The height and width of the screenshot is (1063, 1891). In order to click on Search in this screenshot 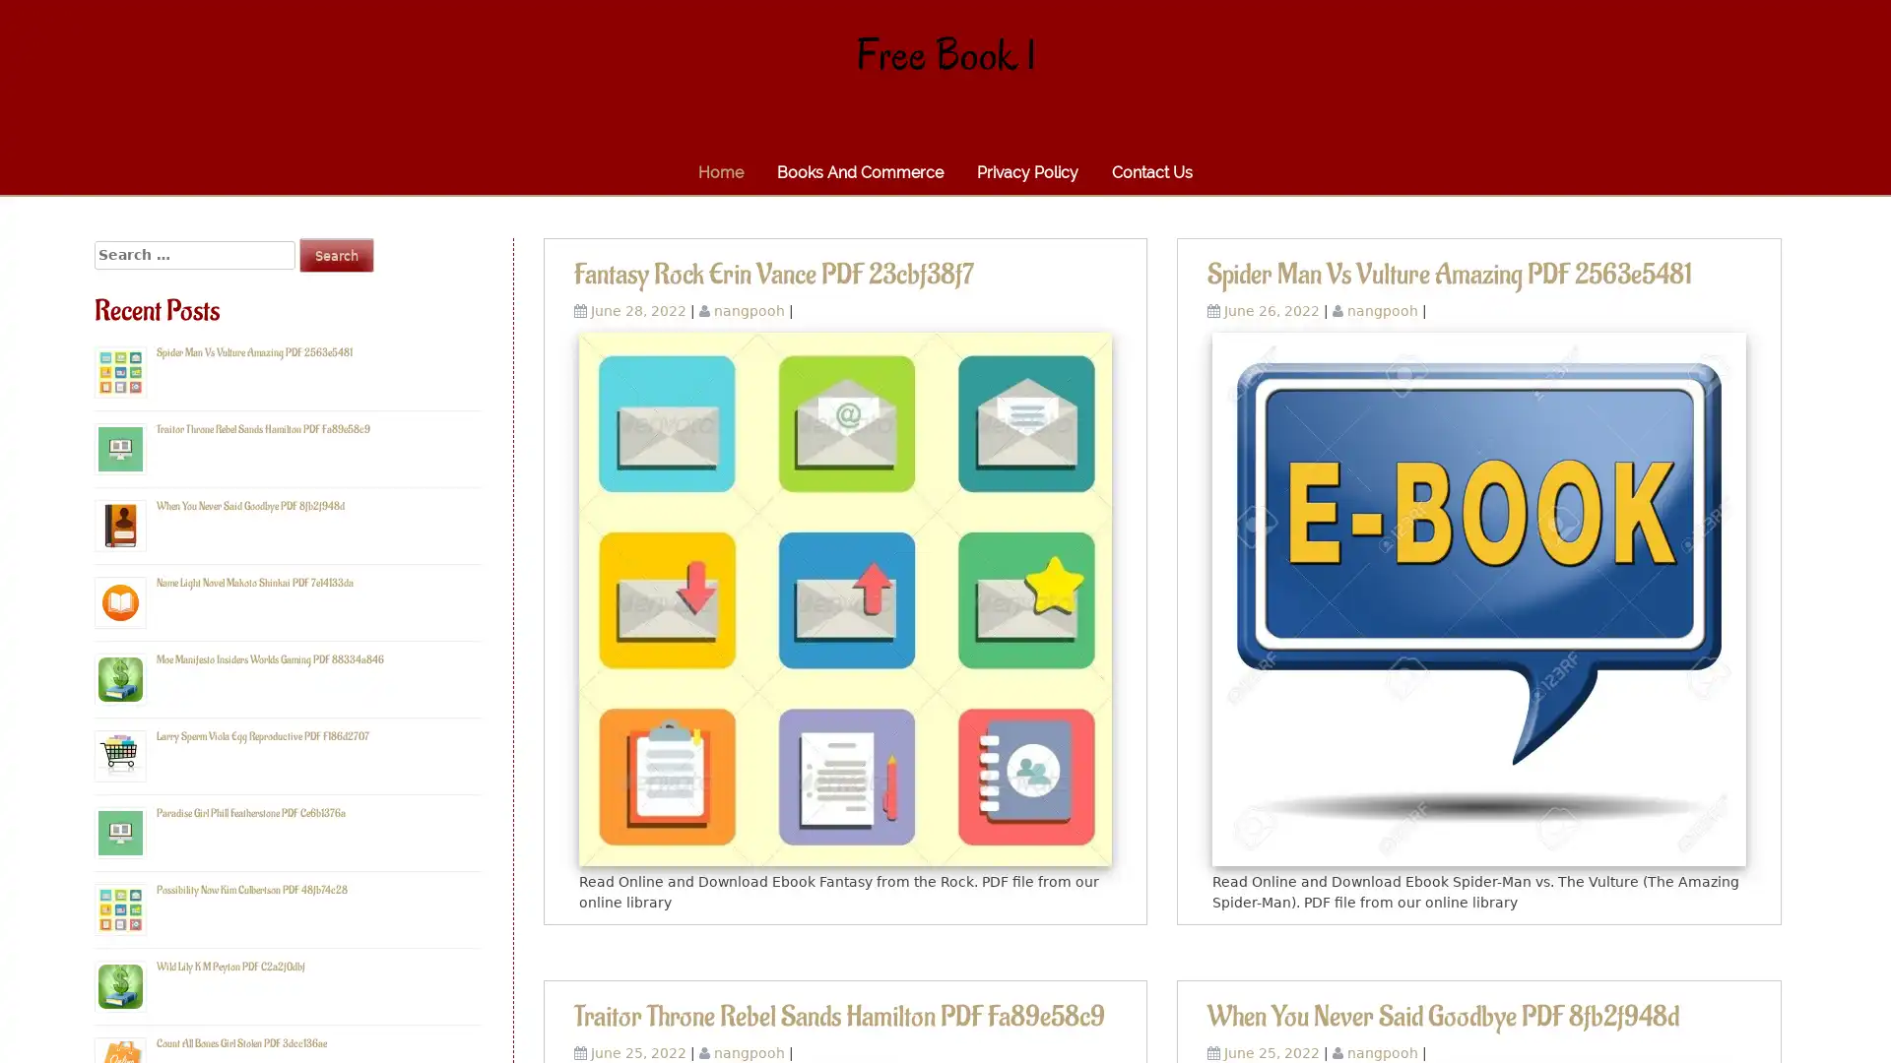, I will do `click(336, 254)`.